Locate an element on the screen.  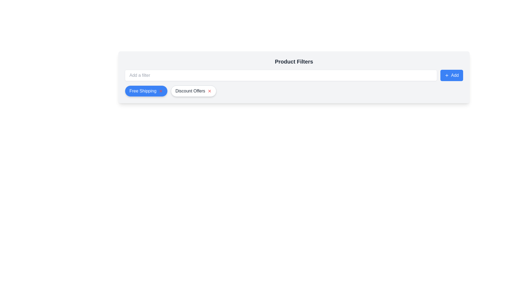
the button on the right end of the horizontal arrangement that triggers the action for adding items, located next to the input field with the placeholder 'Add a filter' is located at coordinates (451, 75).